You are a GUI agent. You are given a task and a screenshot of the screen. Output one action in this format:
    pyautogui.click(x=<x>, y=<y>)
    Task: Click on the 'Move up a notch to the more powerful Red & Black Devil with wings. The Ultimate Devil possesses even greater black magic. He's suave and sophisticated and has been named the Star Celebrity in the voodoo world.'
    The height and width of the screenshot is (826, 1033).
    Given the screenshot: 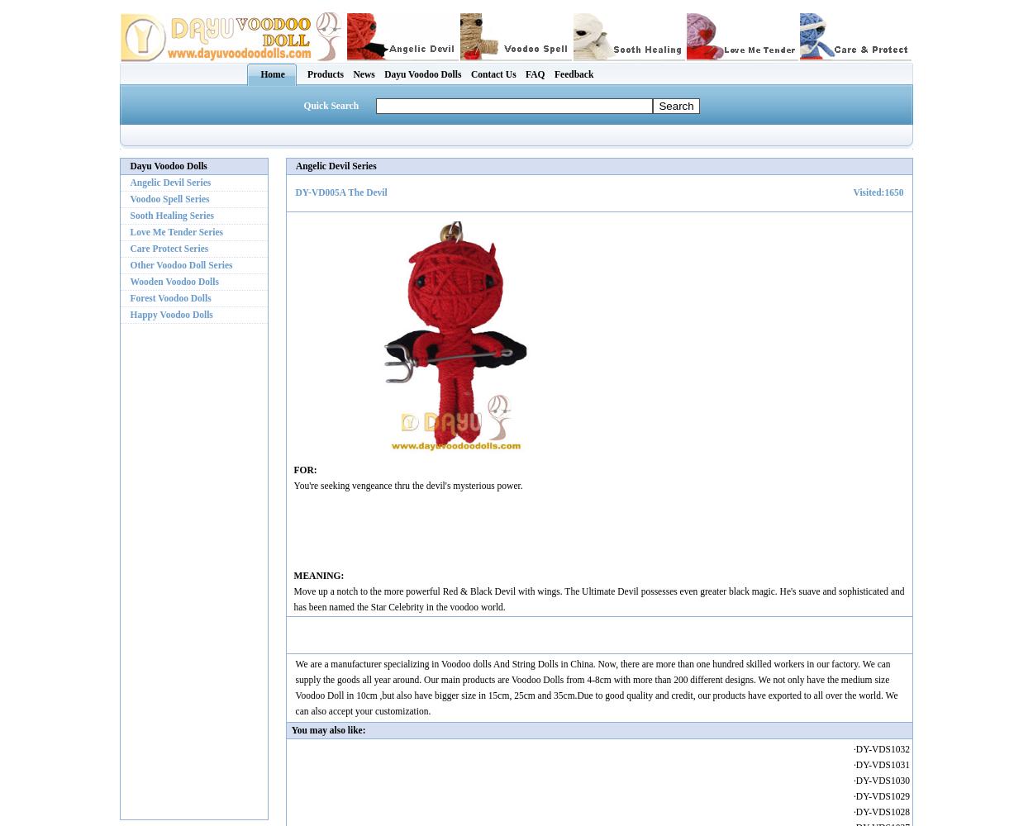 What is the action you would take?
    pyautogui.click(x=292, y=597)
    